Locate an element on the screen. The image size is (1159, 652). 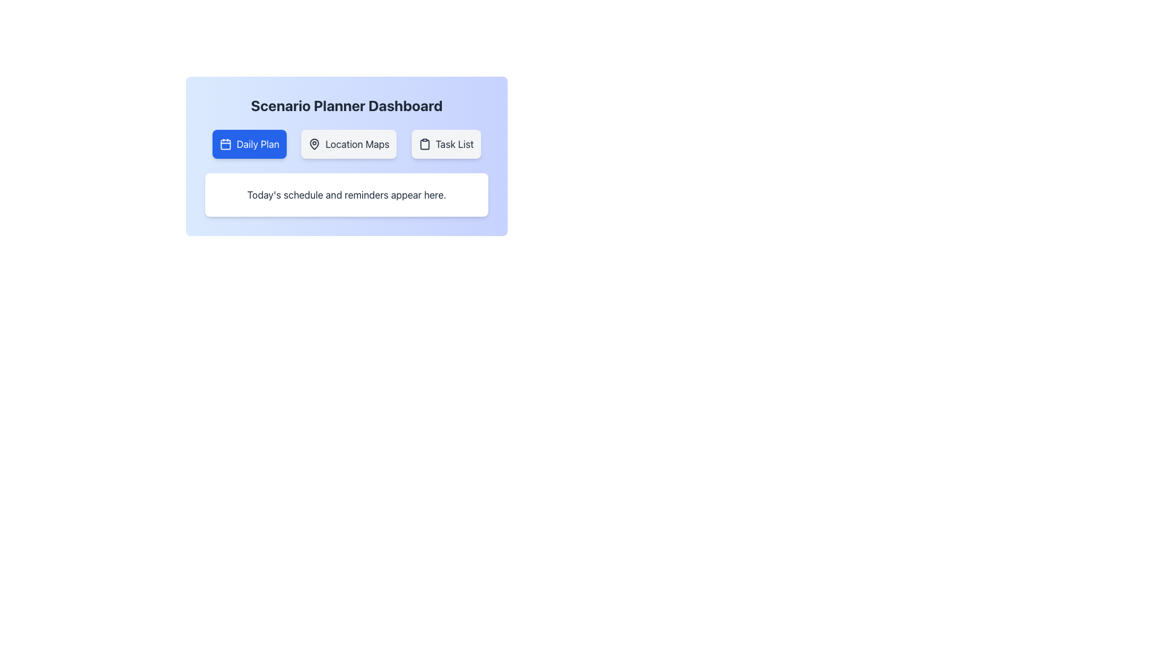
the far-left button labeled 'Daily Plan' is located at coordinates (249, 144).